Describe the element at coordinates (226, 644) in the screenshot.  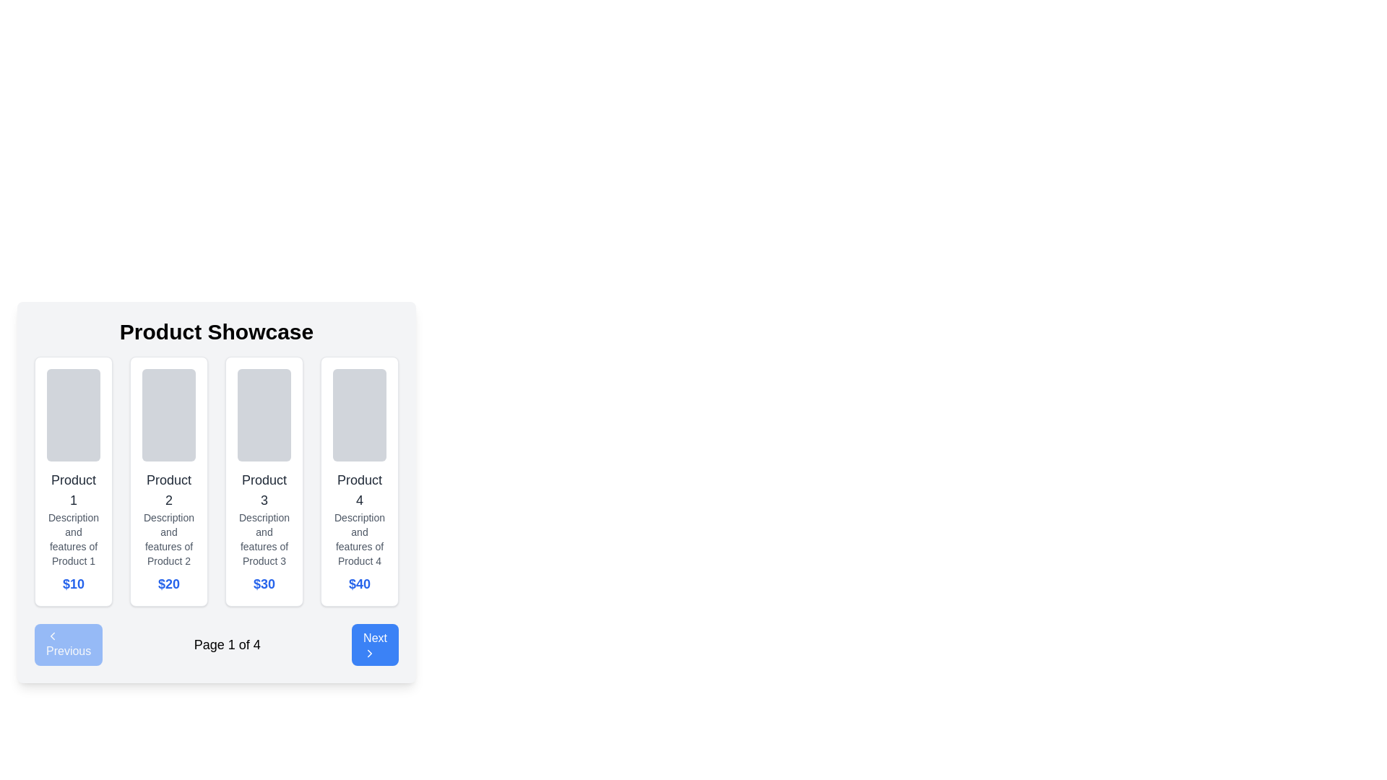
I see `the textual indicator displaying 'Page 1 of 4', which is centrally positioned between the 'Previous' and 'Next' buttons in the pagination controls` at that location.